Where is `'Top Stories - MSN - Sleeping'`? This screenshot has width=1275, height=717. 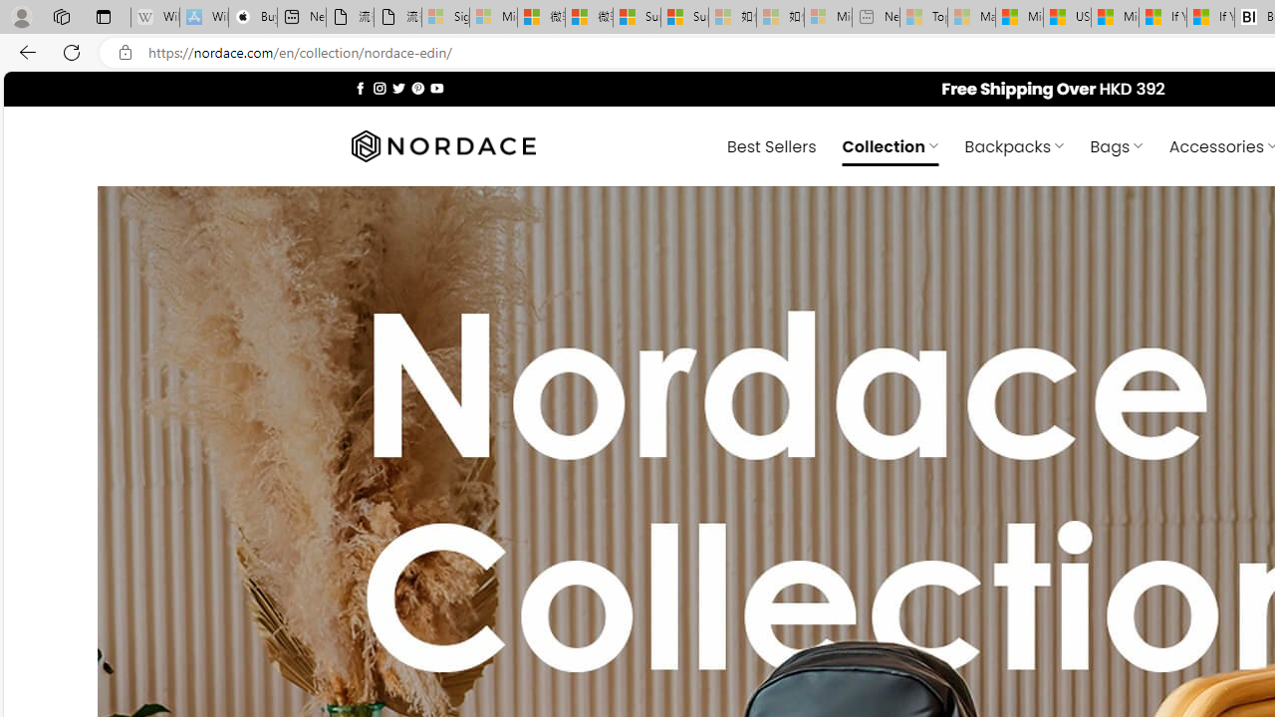 'Top Stories - MSN - Sleeping' is located at coordinates (922, 17).